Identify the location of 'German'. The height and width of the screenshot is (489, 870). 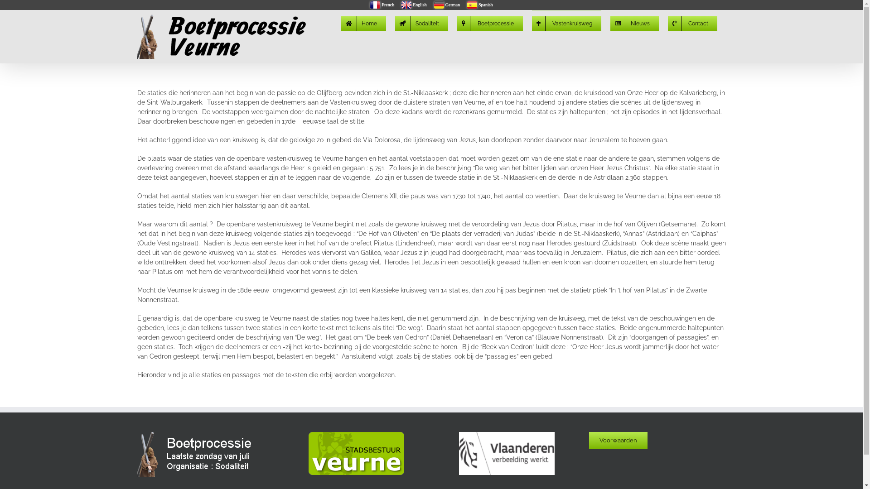
(447, 5).